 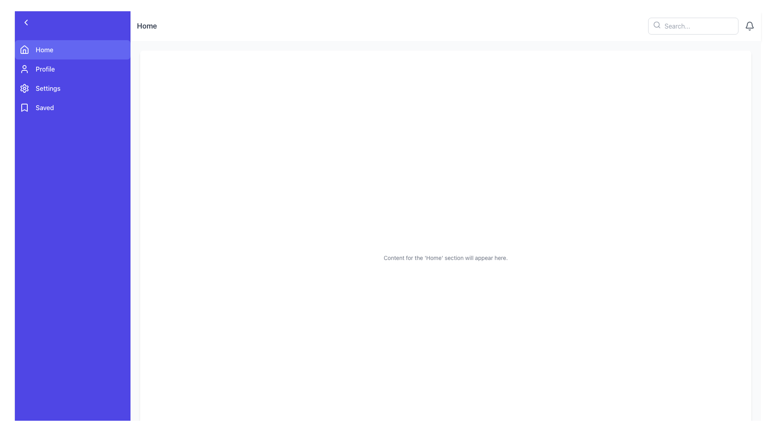 I want to click on the navigation button with a leftward-pointing chevron located at the top of the purple sidebar, so click(x=73, y=22).